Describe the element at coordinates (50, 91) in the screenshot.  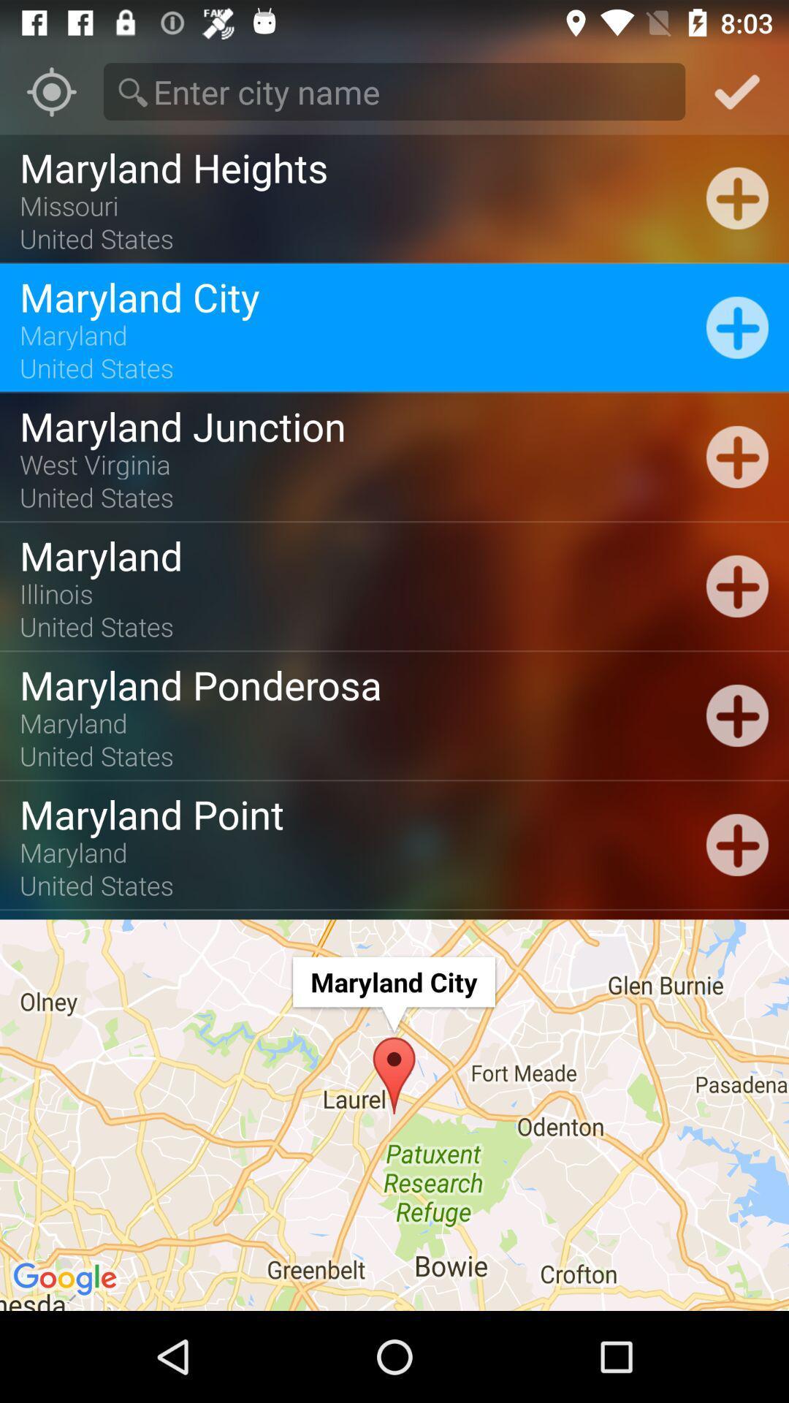
I see `the location_crosshair icon` at that location.